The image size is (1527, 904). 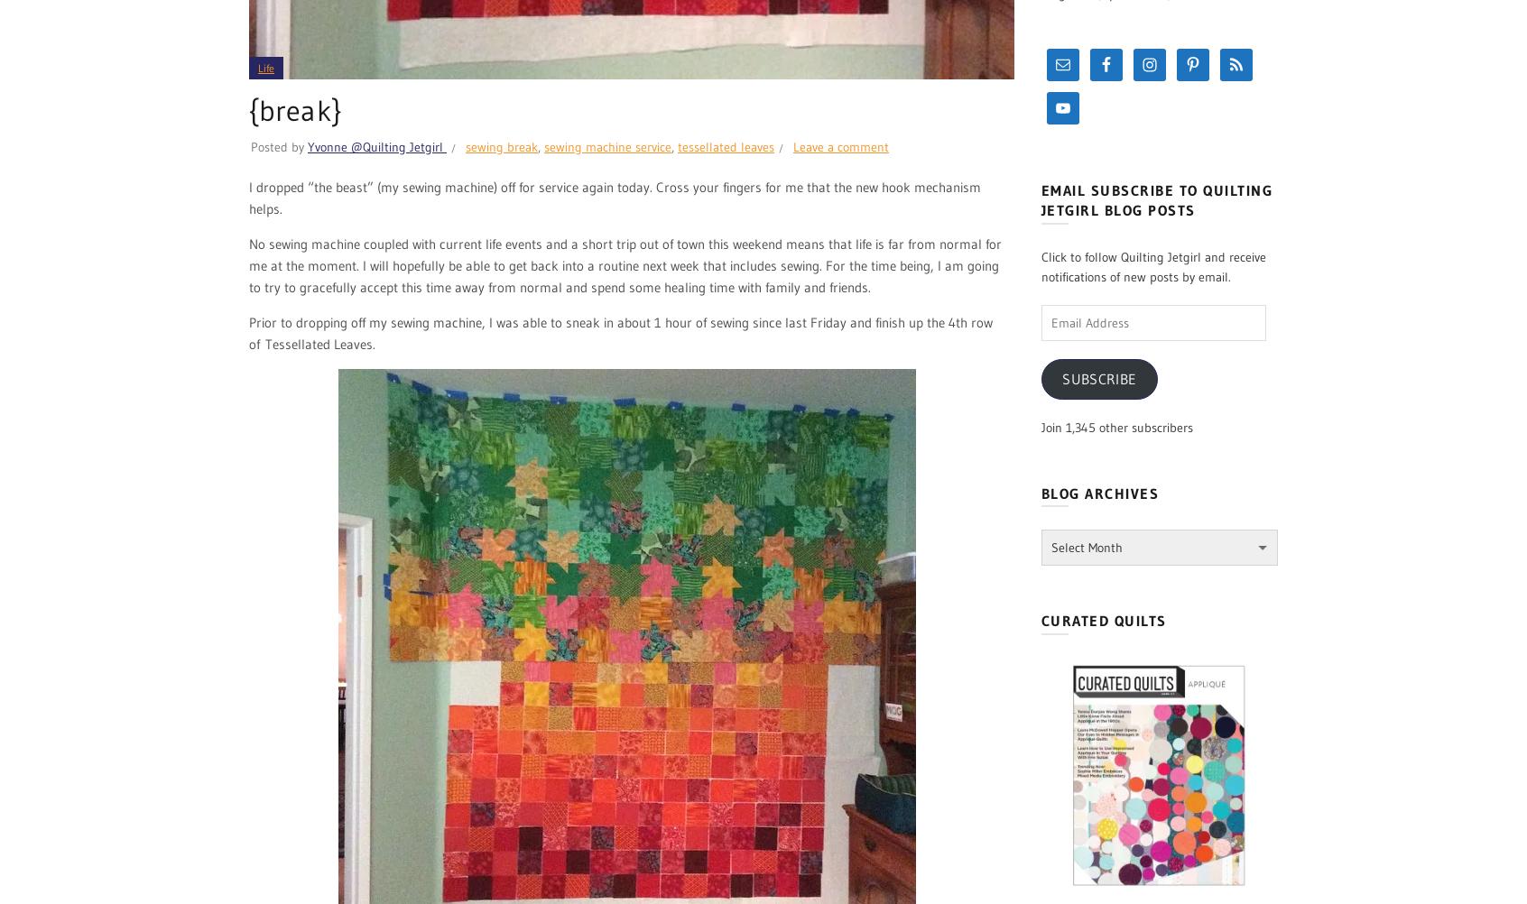 What do you see at coordinates (248, 333) in the screenshot?
I see `'Prior to dropping off my sewing machine, I was able to sneak in about 1 hour of sewing since last Friday and finish up the 4th row of Tessellated Leaves.'` at bounding box center [248, 333].